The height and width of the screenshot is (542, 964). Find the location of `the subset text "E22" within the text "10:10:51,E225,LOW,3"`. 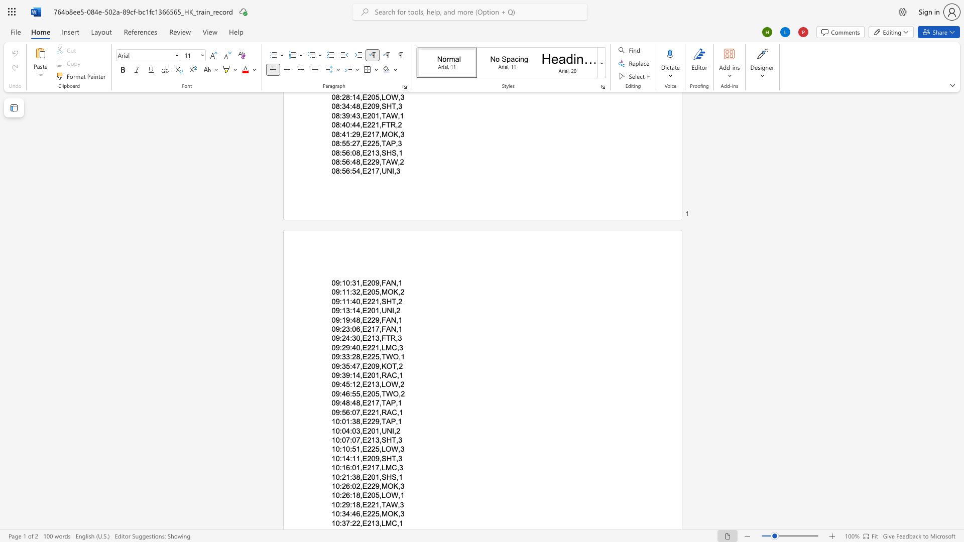

the subset text "E22" within the text "10:10:51,E225,LOW,3" is located at coordinates (361, 449).